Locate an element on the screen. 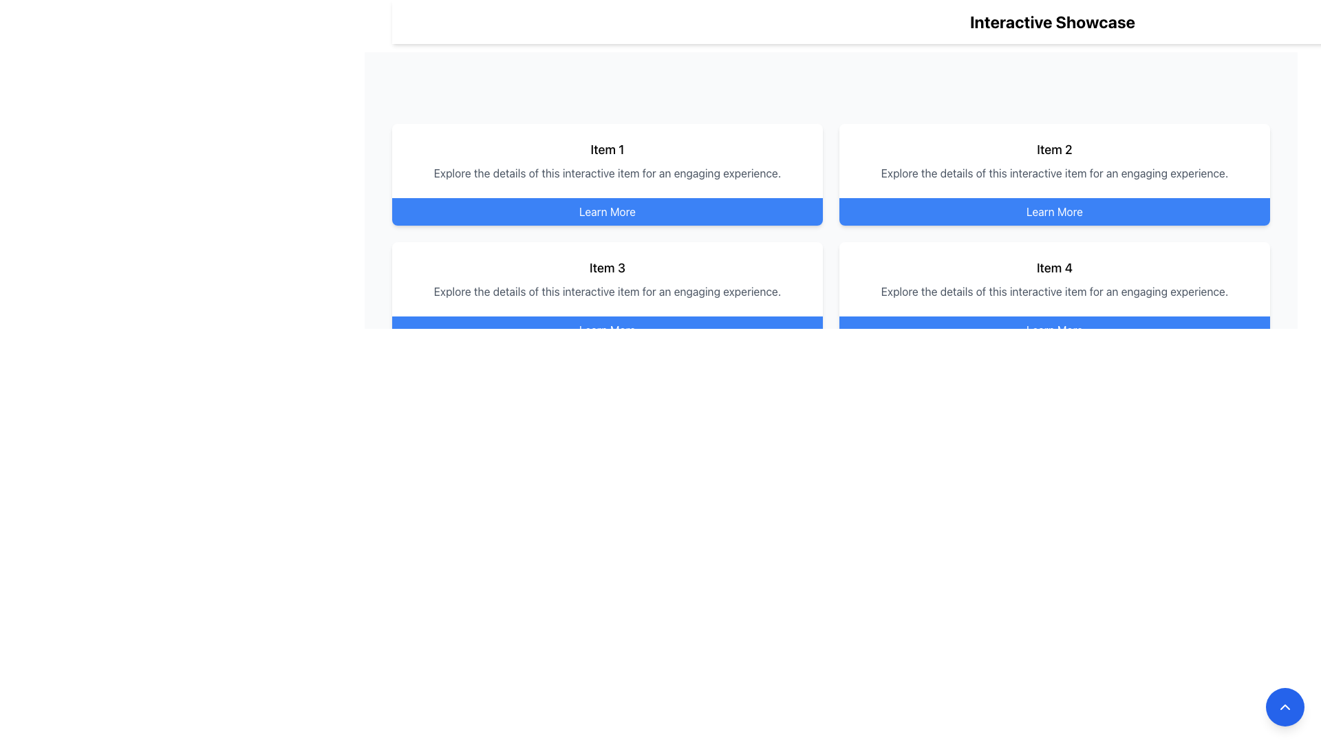 This screenshot has width=1321, height=743. the text content group titled 'Item 3', which features a bold main title and a smaller gray subtitle, centered within a white rectangle with rounded corners and a shadow effect is located at coordinates (607, 279).